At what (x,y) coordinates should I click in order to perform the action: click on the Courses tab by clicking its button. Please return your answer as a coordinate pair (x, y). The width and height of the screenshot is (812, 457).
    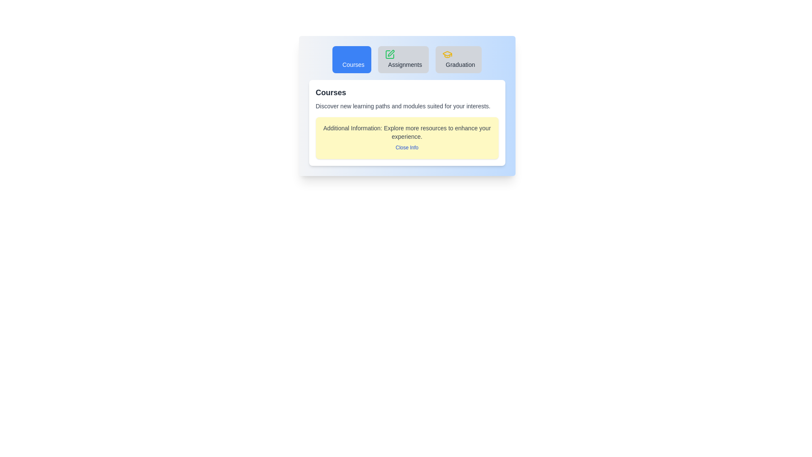
    Looking at the image, I should click on (351, 59).